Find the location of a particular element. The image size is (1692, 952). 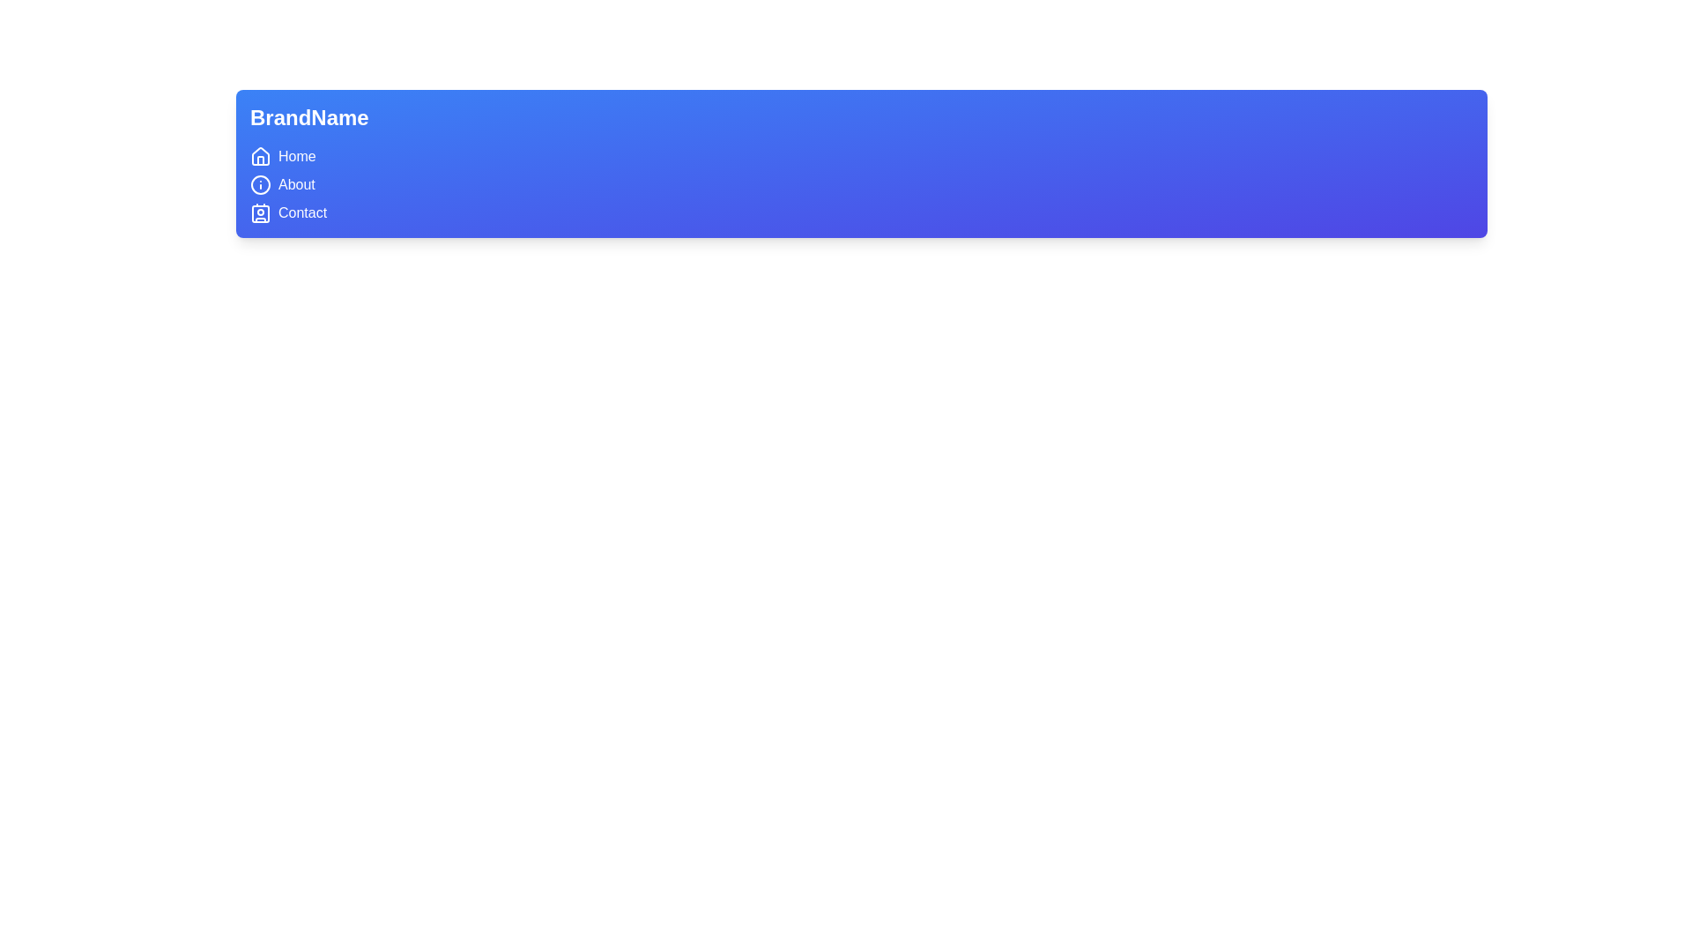

the 'Contact' icon in the sidebar menu, which is the third icon below the 'About' icon and above the 'Contact' text is located at coordinates (260, 212).